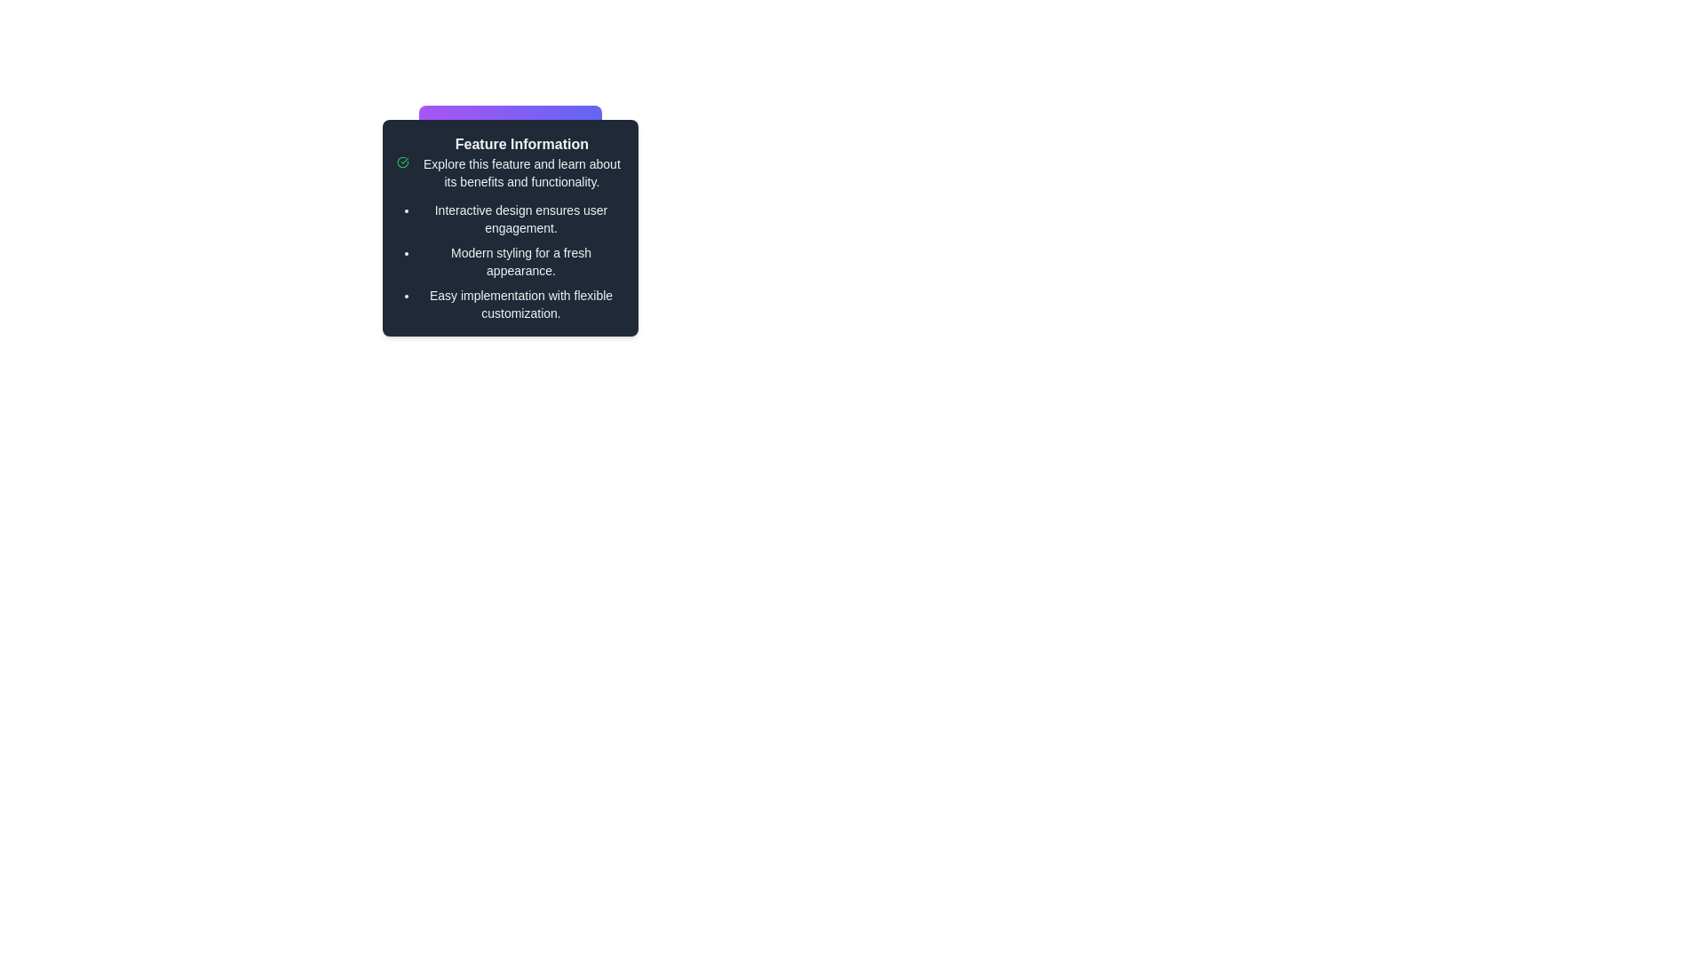 This screenshot has width=1705, height=959. I want to click on the 'Feature Information' header, which is a prominently styled text header located at the top-center of a card component with a dark background, so click(520, 143).